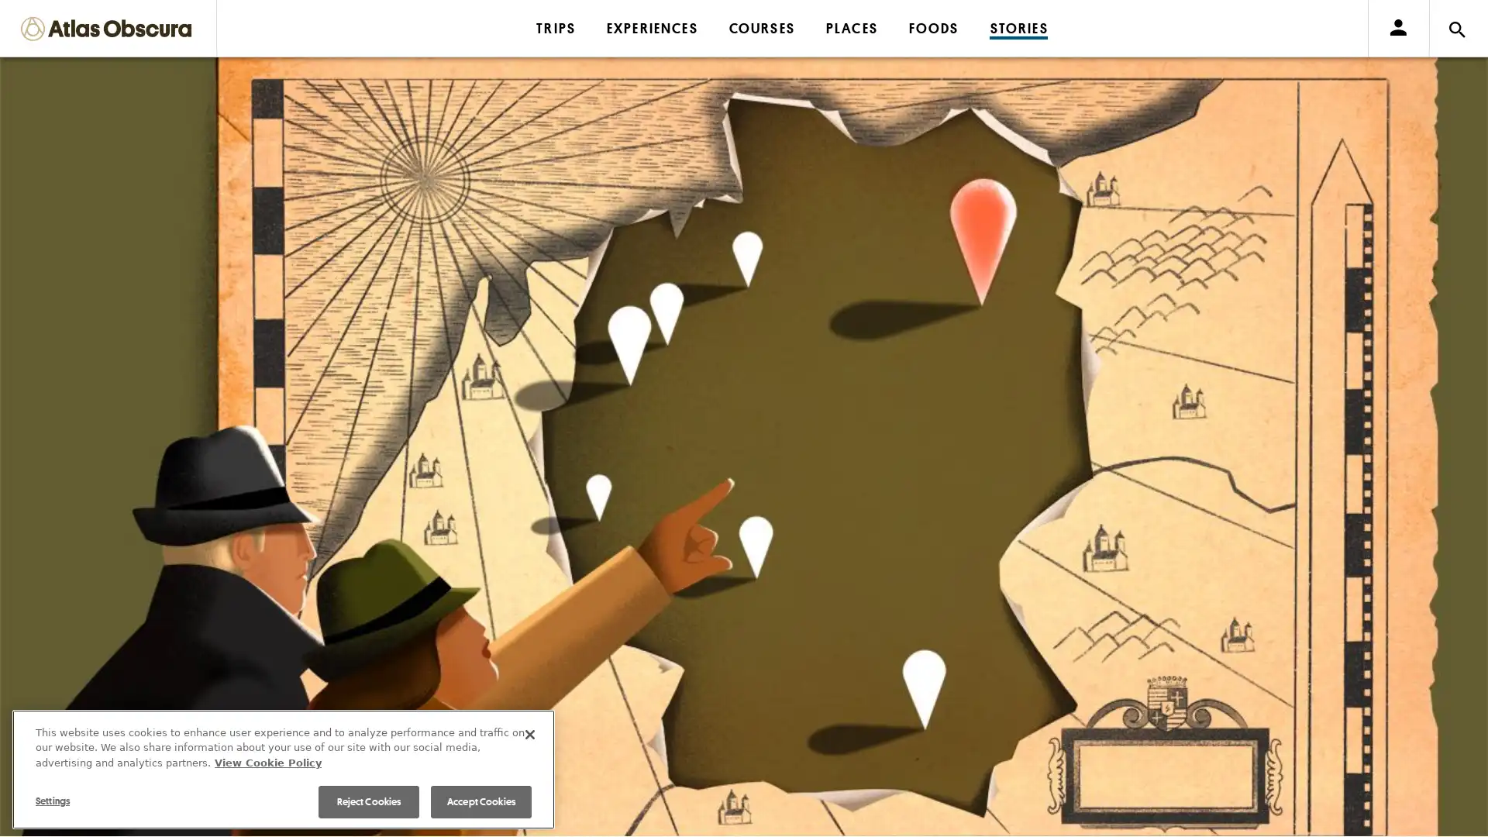  I want to click on Reject Cookies, so click(367, 801).